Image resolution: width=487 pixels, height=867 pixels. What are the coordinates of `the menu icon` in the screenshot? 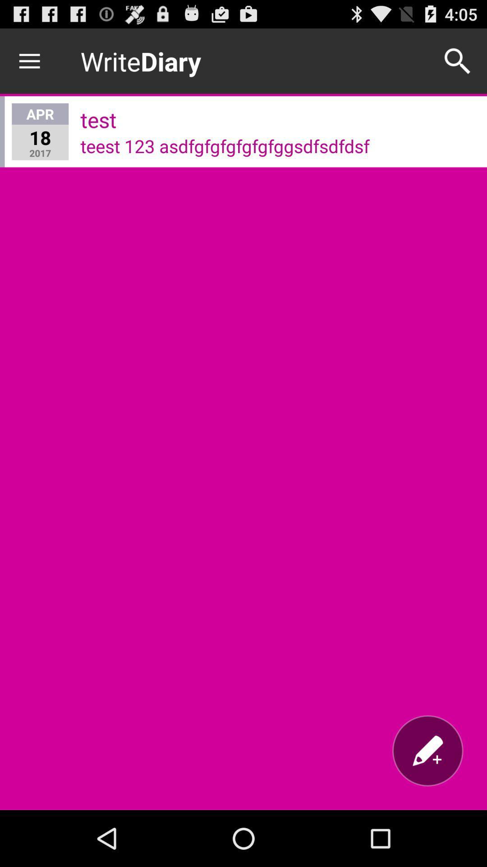 It's located at (35, 65).